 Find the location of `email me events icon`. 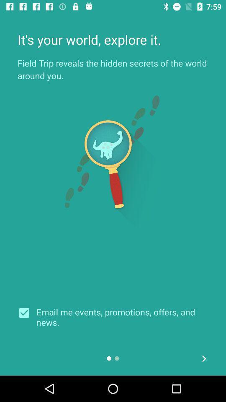

email me events icon is located at coordinates (122, 317).